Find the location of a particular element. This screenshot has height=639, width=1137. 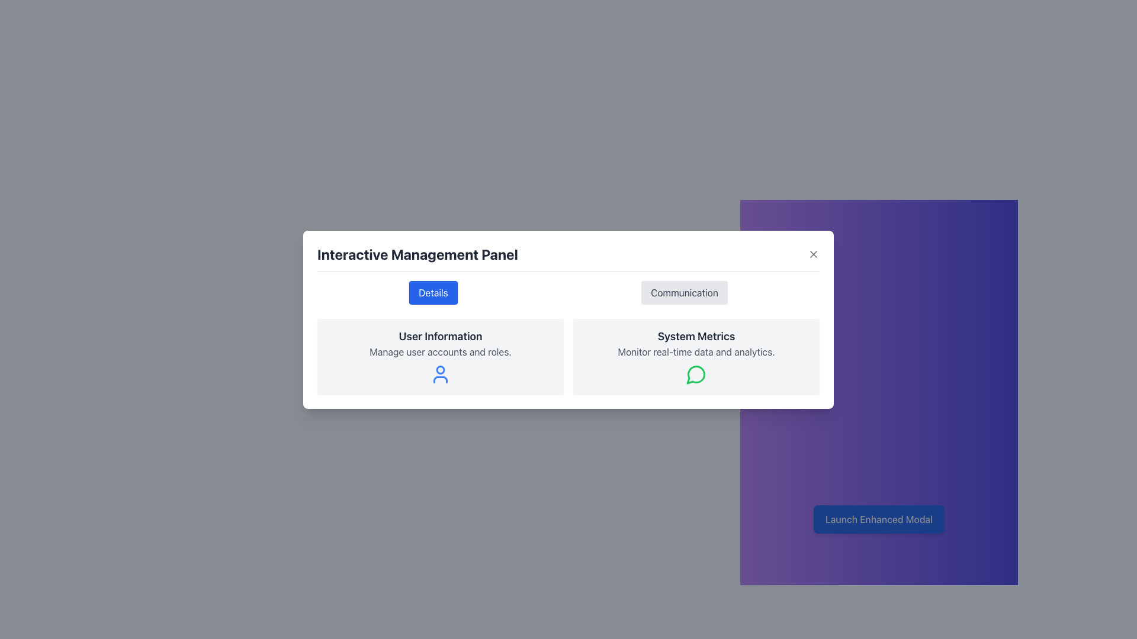

the communication button located to the right of the 'Details' button is located at coordinates (685, 292).